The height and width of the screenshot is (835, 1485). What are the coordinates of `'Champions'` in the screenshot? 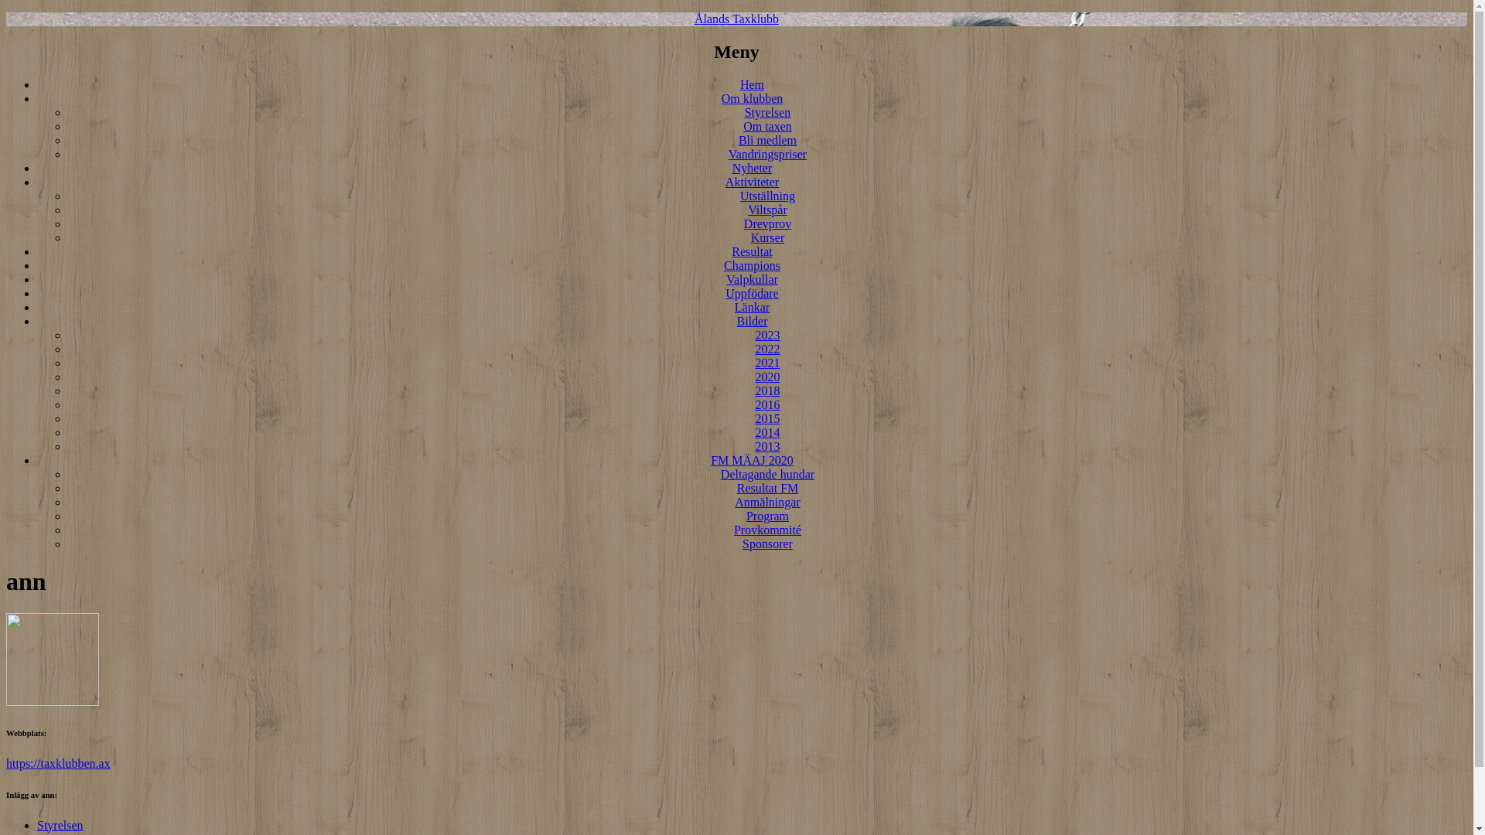 It's located at (752, 264).